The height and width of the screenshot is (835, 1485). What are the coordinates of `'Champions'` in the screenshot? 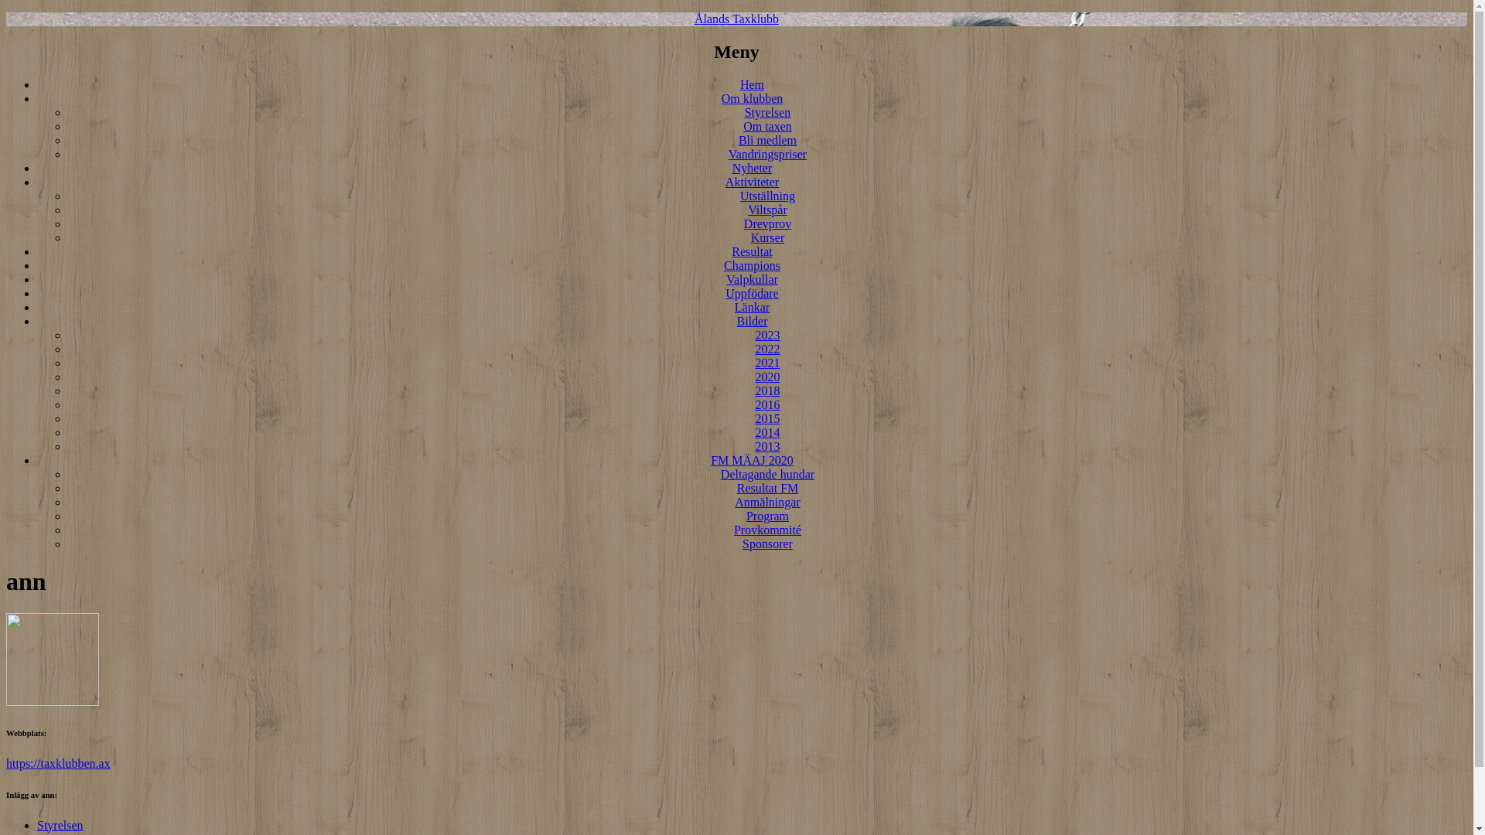 It's located at (752, 264).